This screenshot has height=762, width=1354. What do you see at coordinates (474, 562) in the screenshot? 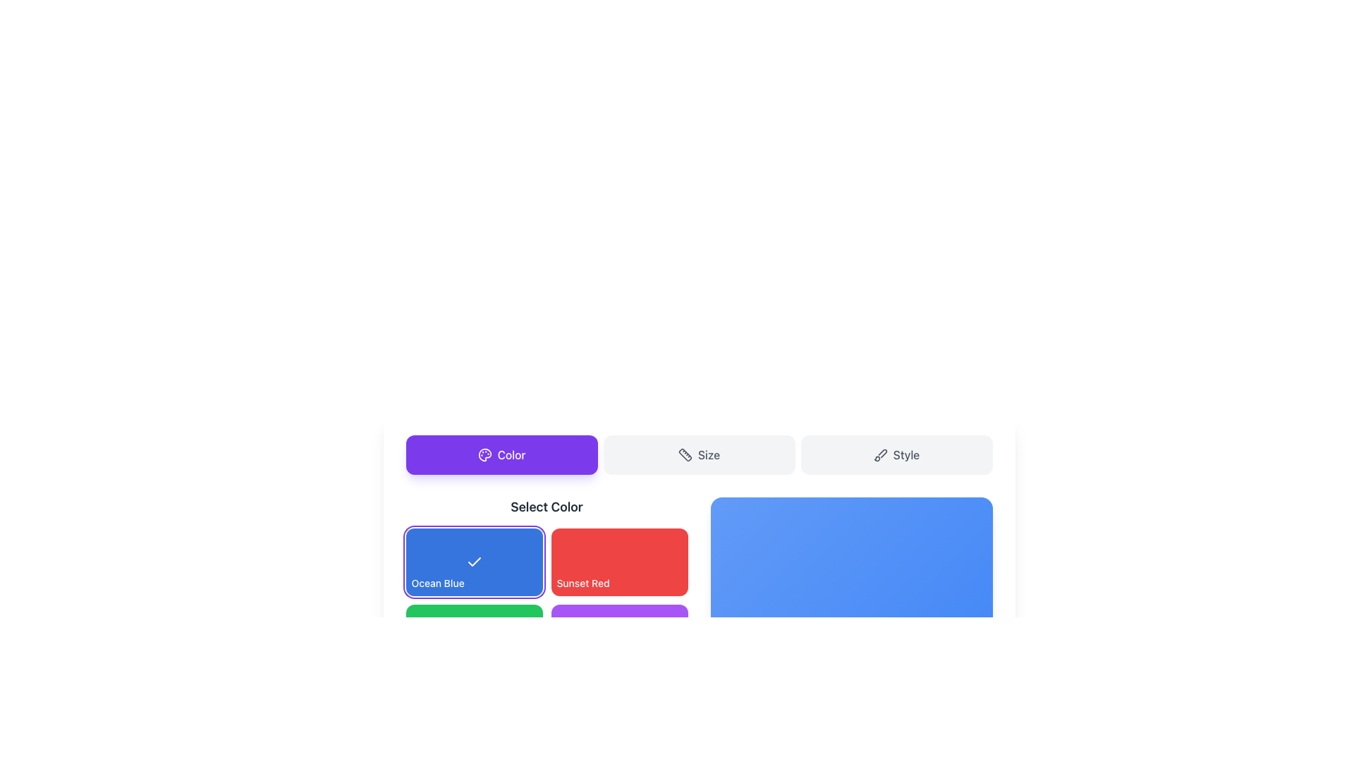
I see `the 'Ocean Blue' selectable color card located in the top-left cell of the grid` at bounding box center [474, 562].